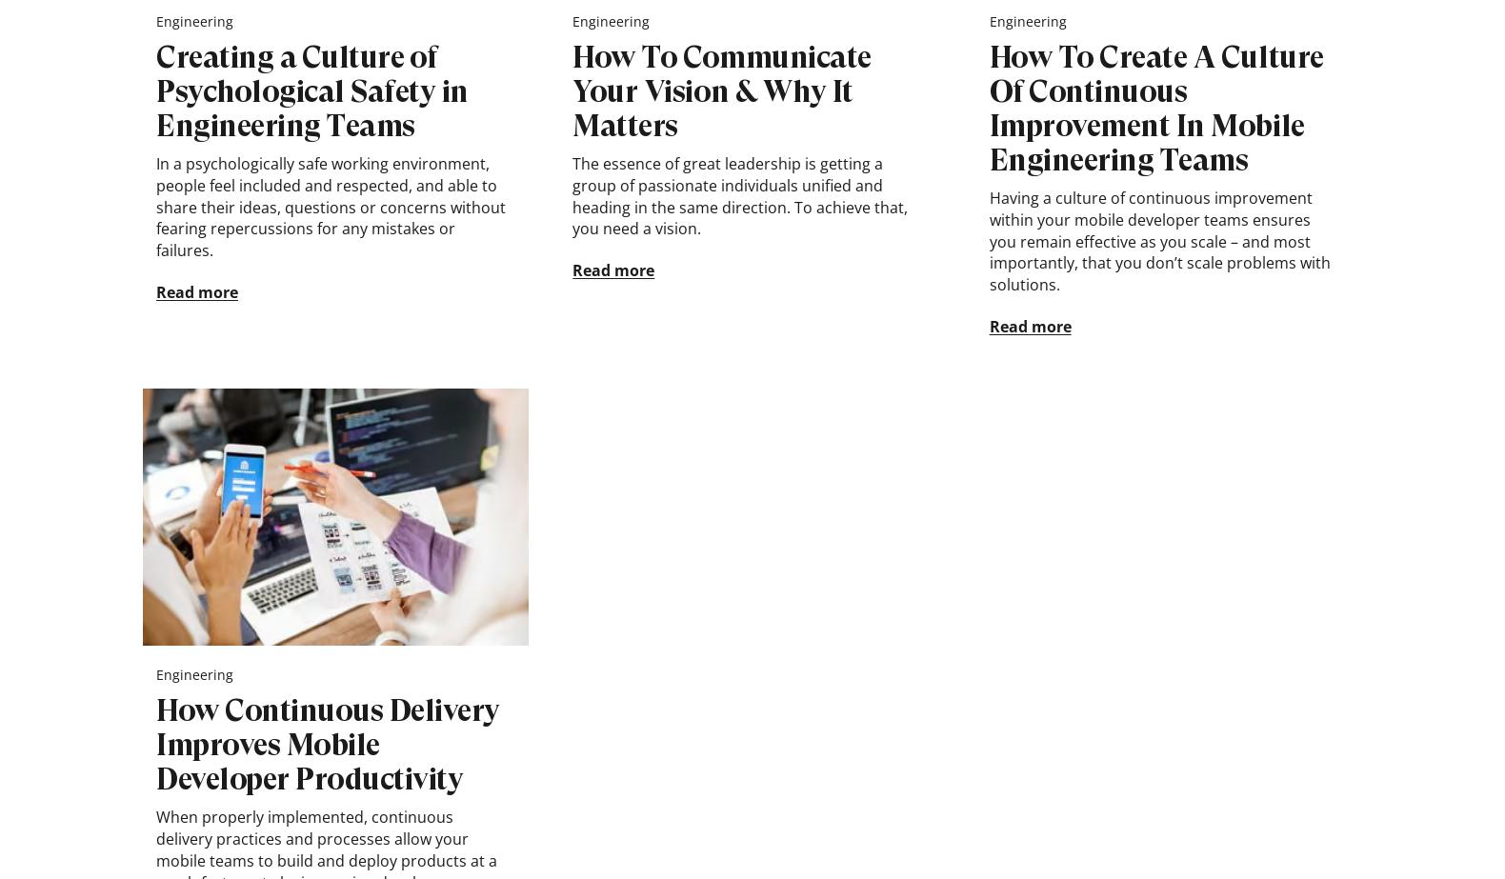 The image size is (1505, 879). What do you see at coordinates (993, 60) in the screenshot?
I see `'Sustainability Statement'` at bounding box center [993, 60].